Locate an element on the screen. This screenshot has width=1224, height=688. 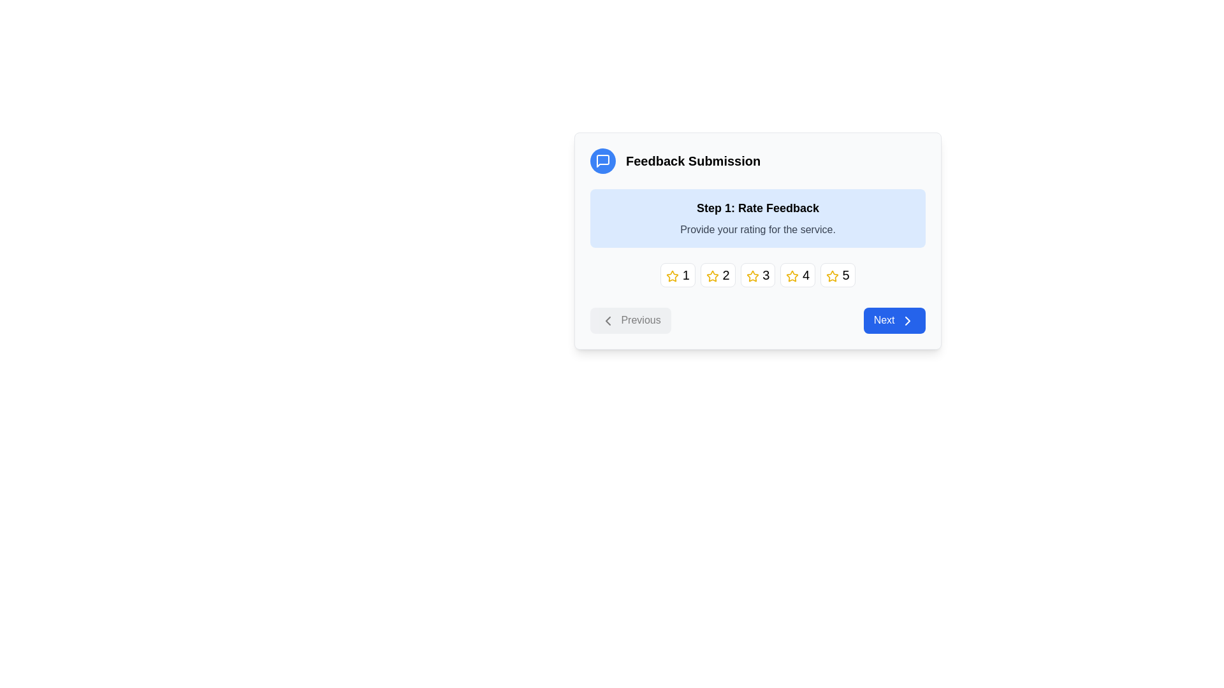
the clickable rating button for a rating of 5, which is located at the far-right of a horizontal row of rating buttons in the feedback submission interface is located at coordinates (838, 275).